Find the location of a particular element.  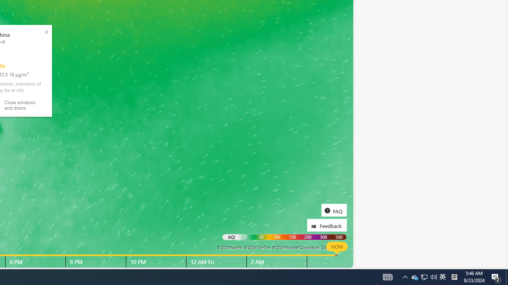

'FAQ' is located at coordinates (334, 210).